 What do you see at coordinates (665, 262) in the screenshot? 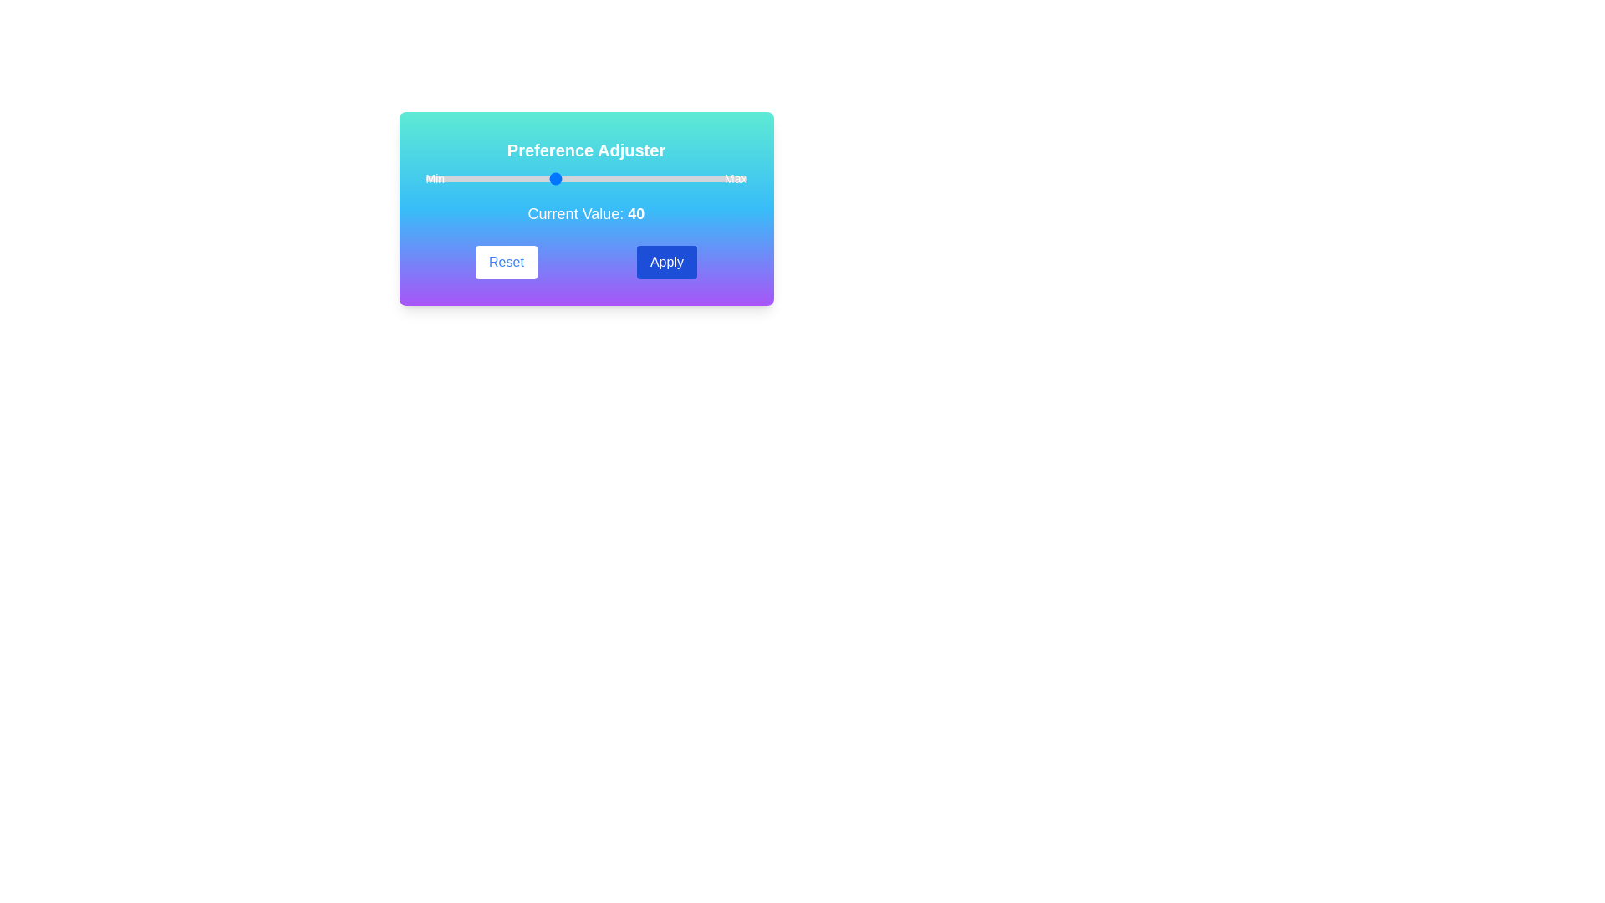
I see `'Apply' button to confirm the current preference value` at bounding box center [665, 262].